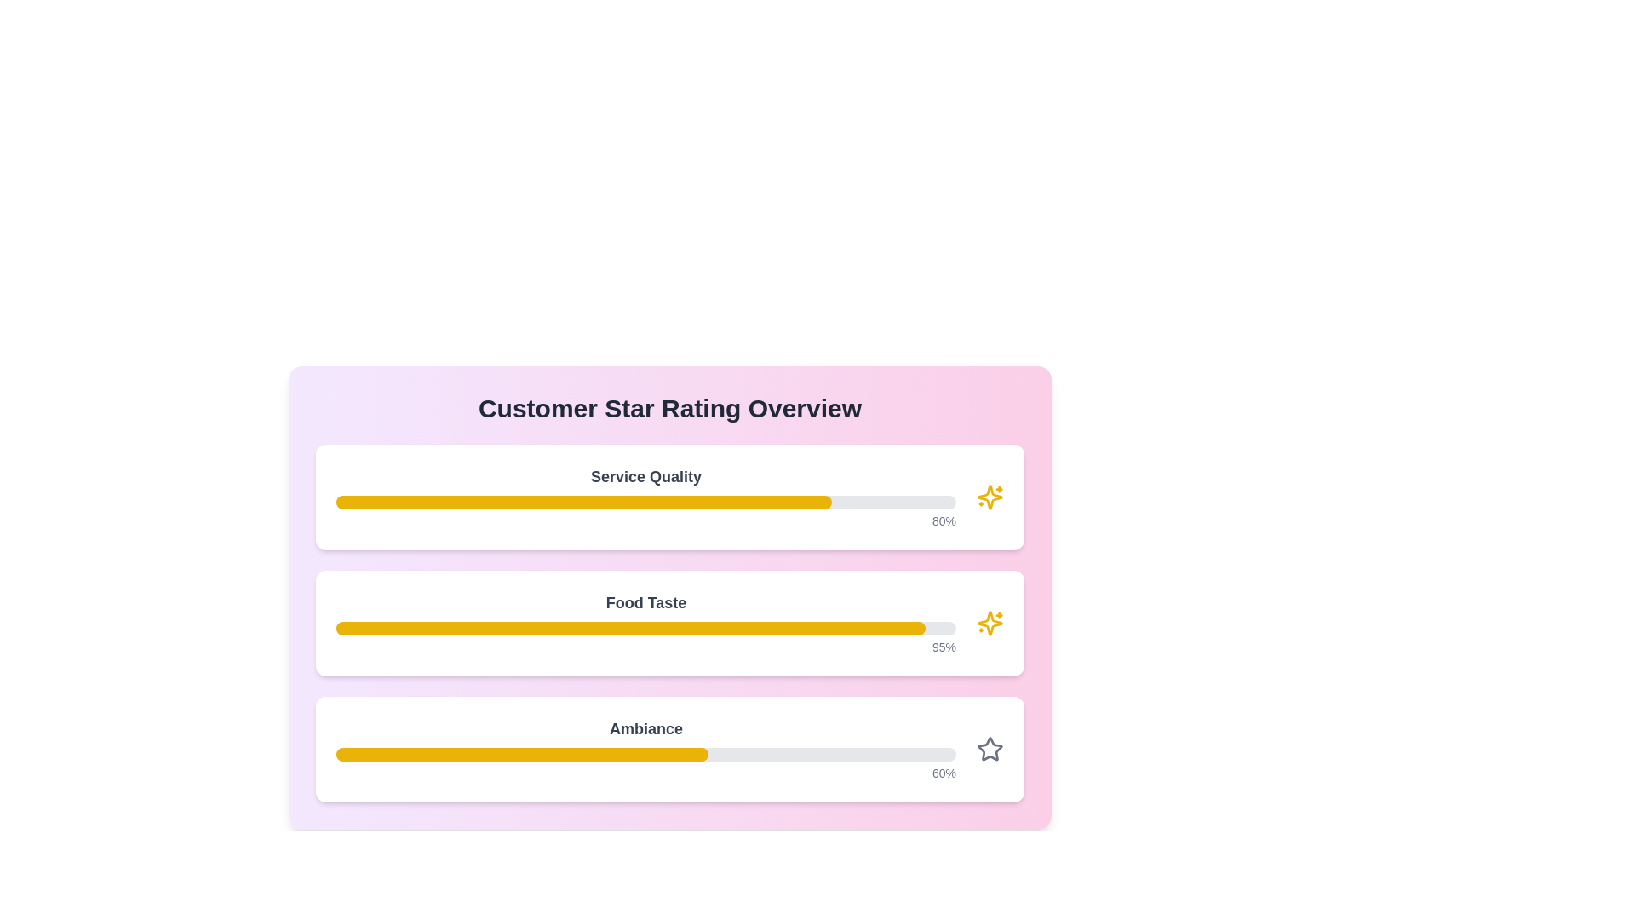 This screenshot has width=1635, height=920. Describe the element at coordinates (990, 748) in the screenshot. I see `the non-filled star icon at the far right end of the 'Ambiance' rating bar component in the UI` at that location.